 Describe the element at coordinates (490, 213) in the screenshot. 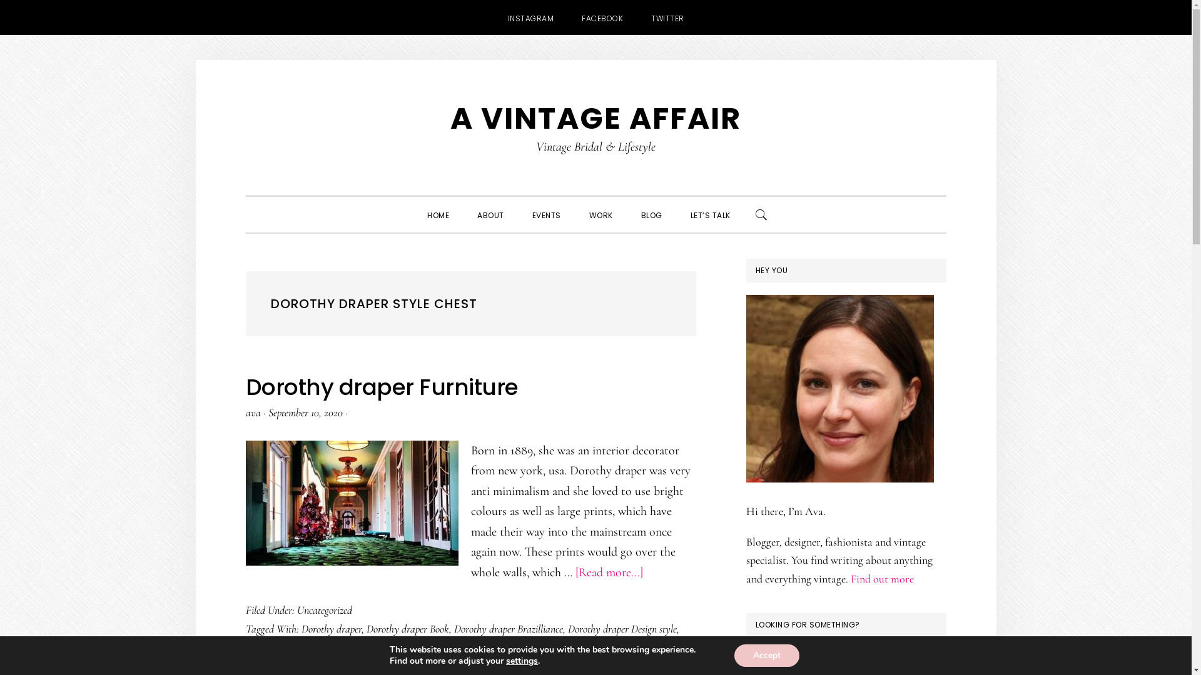

I see `'ABOUT'` at that location.